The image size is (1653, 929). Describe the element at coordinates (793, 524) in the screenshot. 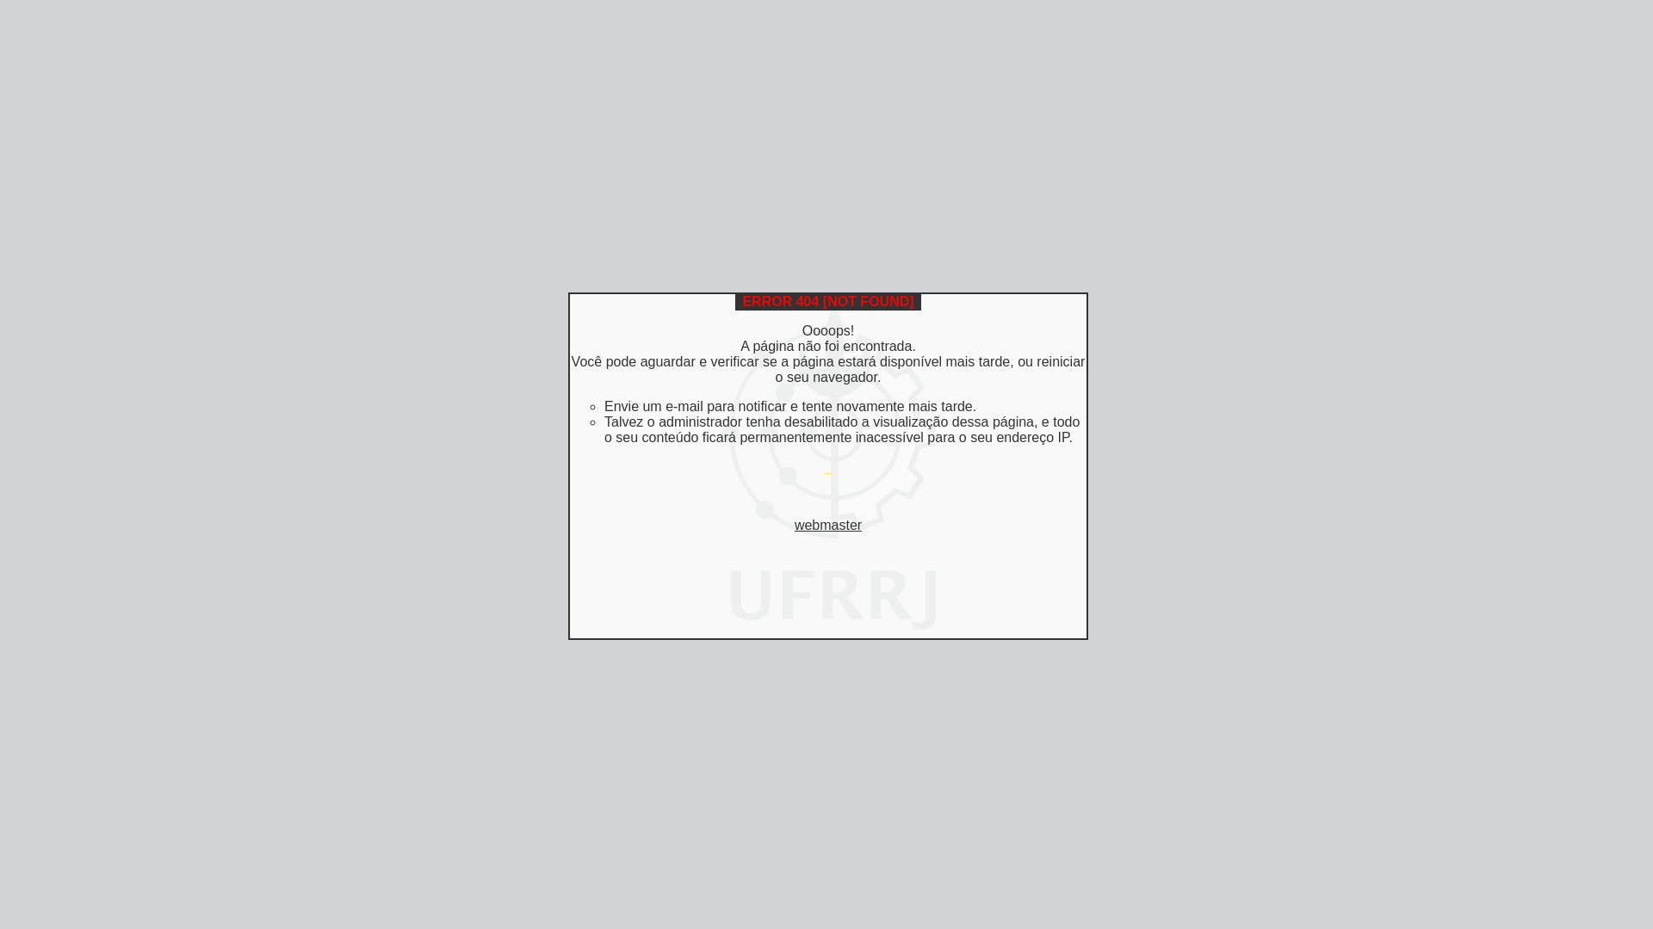

I see `'webmaster'` at that location.